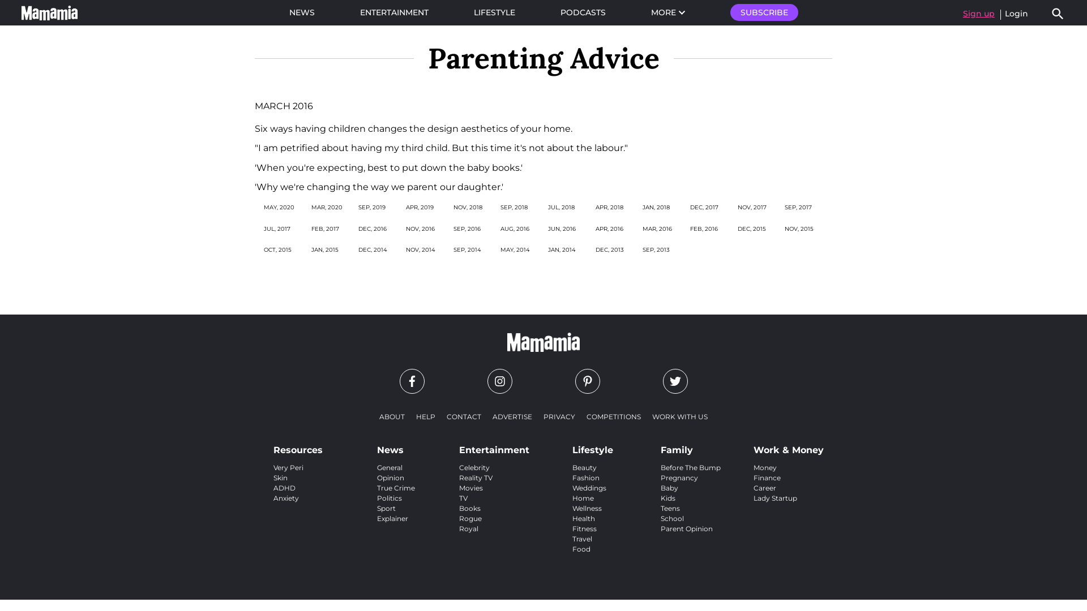  What do you see at coordinates (372, 229) in the screenshot?
I see `'DEC, 2016'` at bounding box center [372, 229].